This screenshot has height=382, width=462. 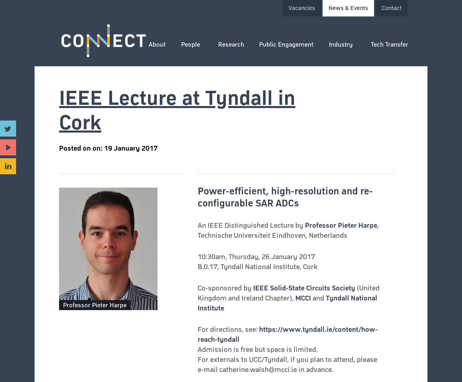 What do you see at coordinates (257, 266) in the screenshot?
I see `'B.0.17, Tyndall National Institute, Cork'` at bounding box center [257, 266].